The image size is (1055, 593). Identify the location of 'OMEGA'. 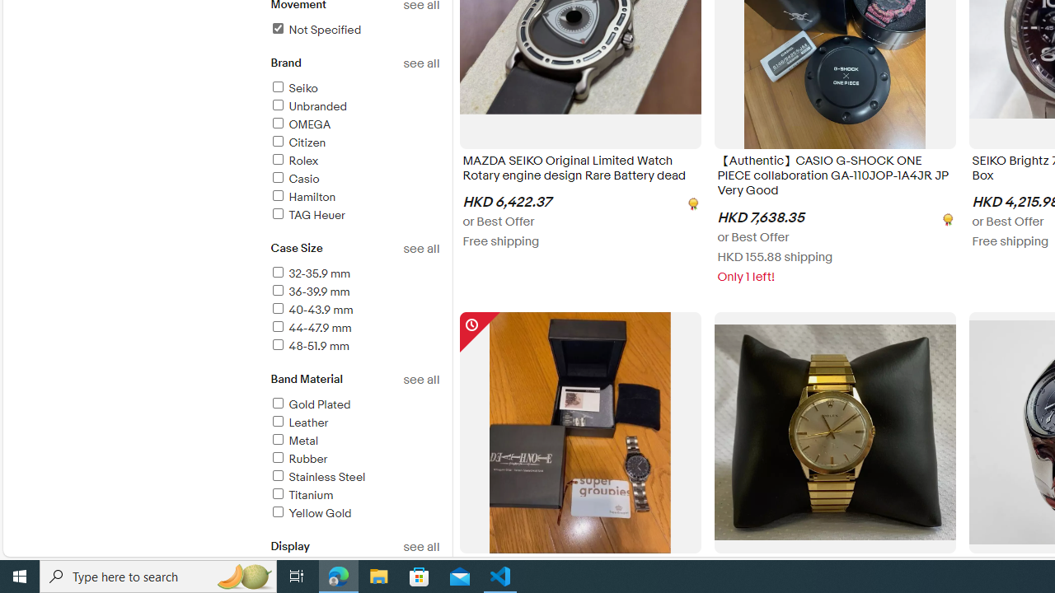
(300, 124).